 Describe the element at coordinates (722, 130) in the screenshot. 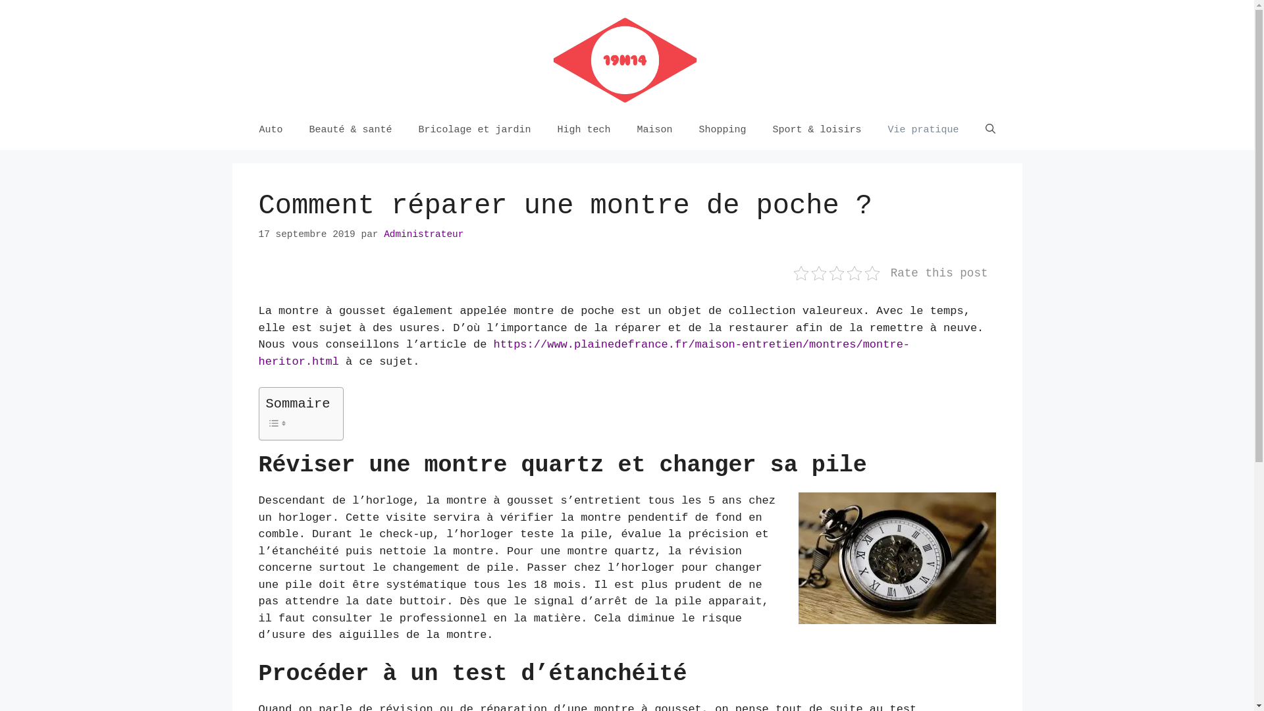

I see `'Shopping'` at that location.